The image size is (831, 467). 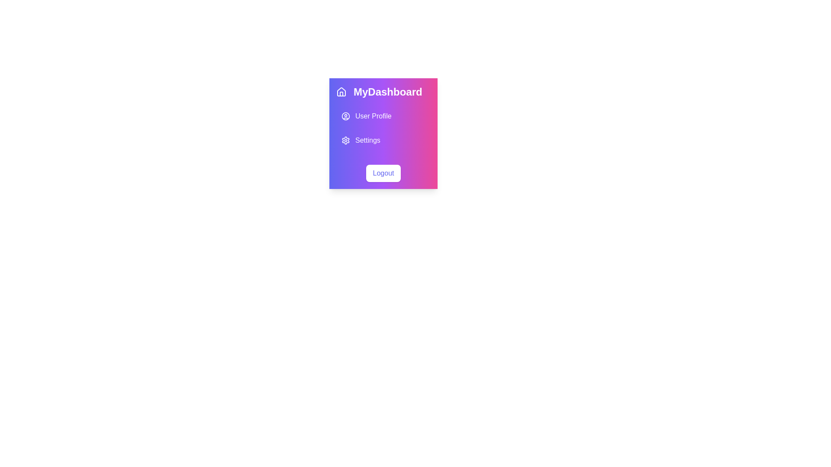 What do you see at coordinates (341, 92) in the screenshot?
I see `the home button icon located at the far left of the 'MyDashboard' title bar group in the header section of the dashboard interface` at bounding box center [341, 92].